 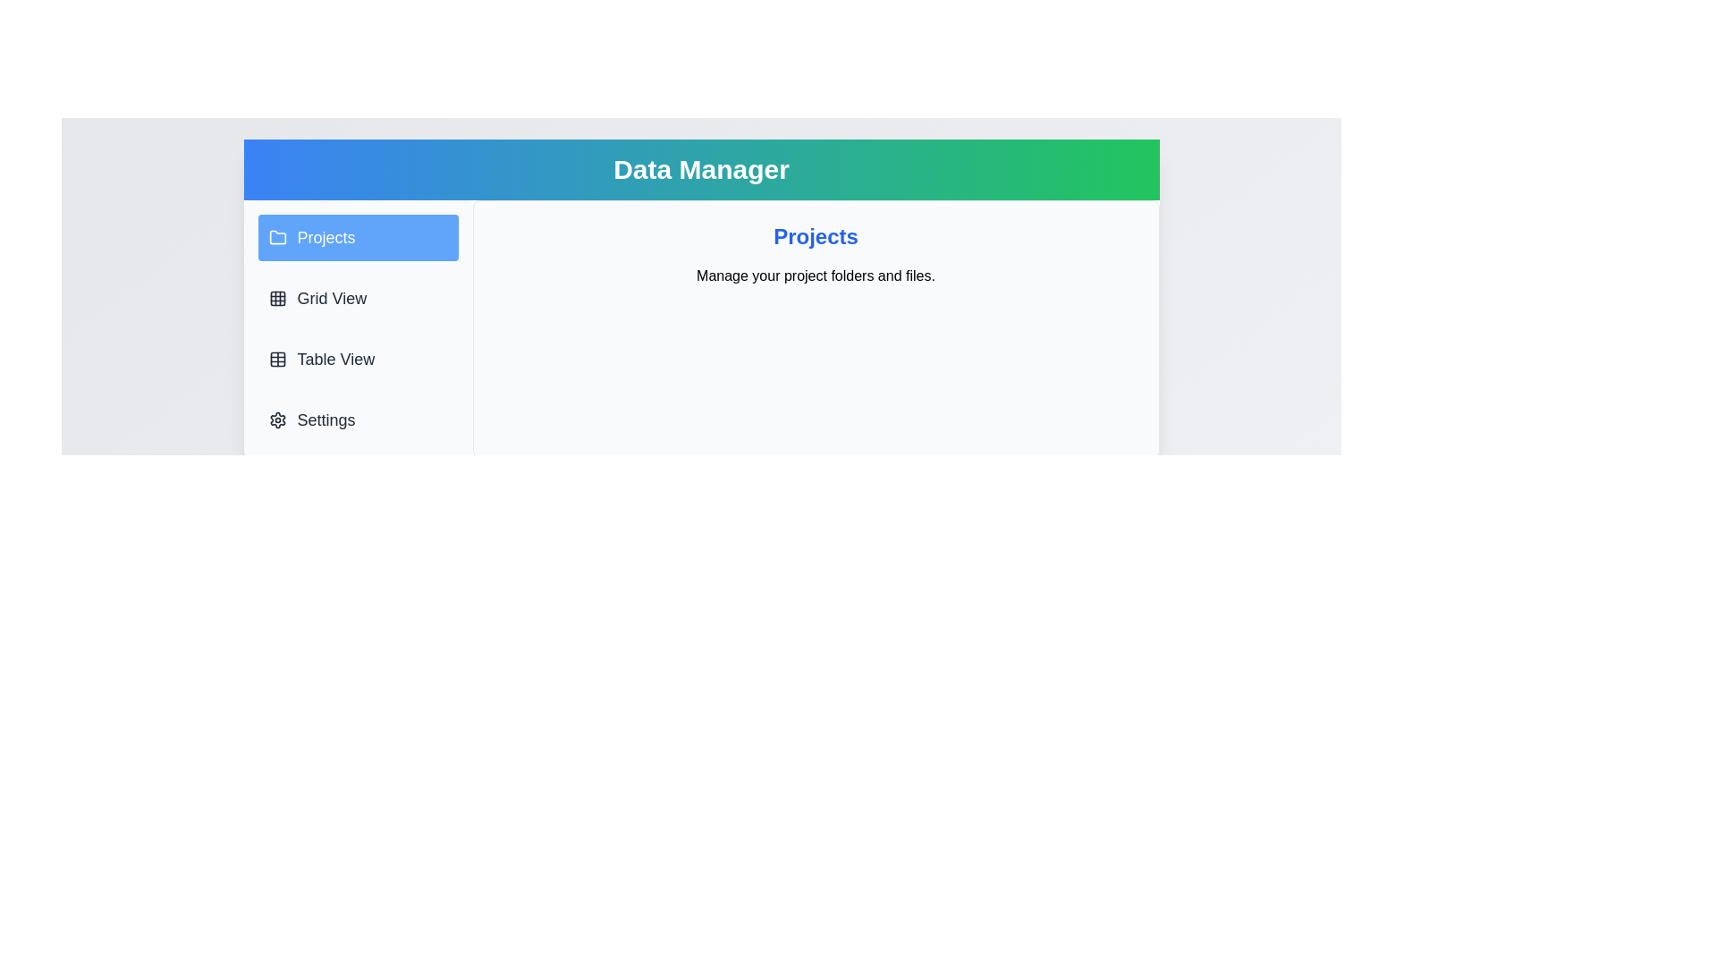 I want to click on the tab labeled Projects, so click(x=358, y=237).